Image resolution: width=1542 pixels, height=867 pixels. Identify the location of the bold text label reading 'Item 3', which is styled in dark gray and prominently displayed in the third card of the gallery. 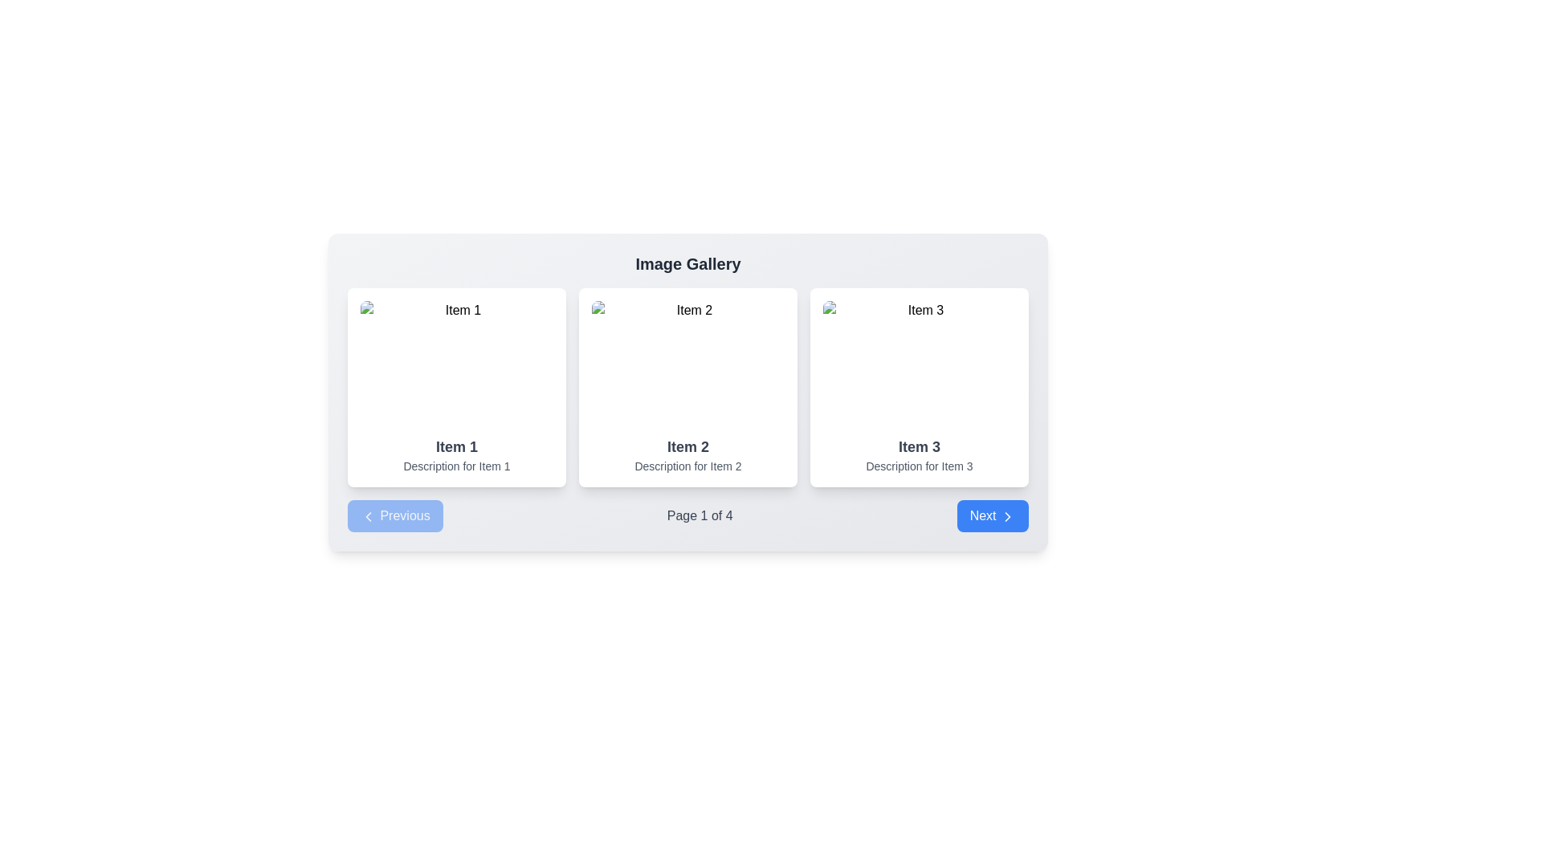
(920, 446).